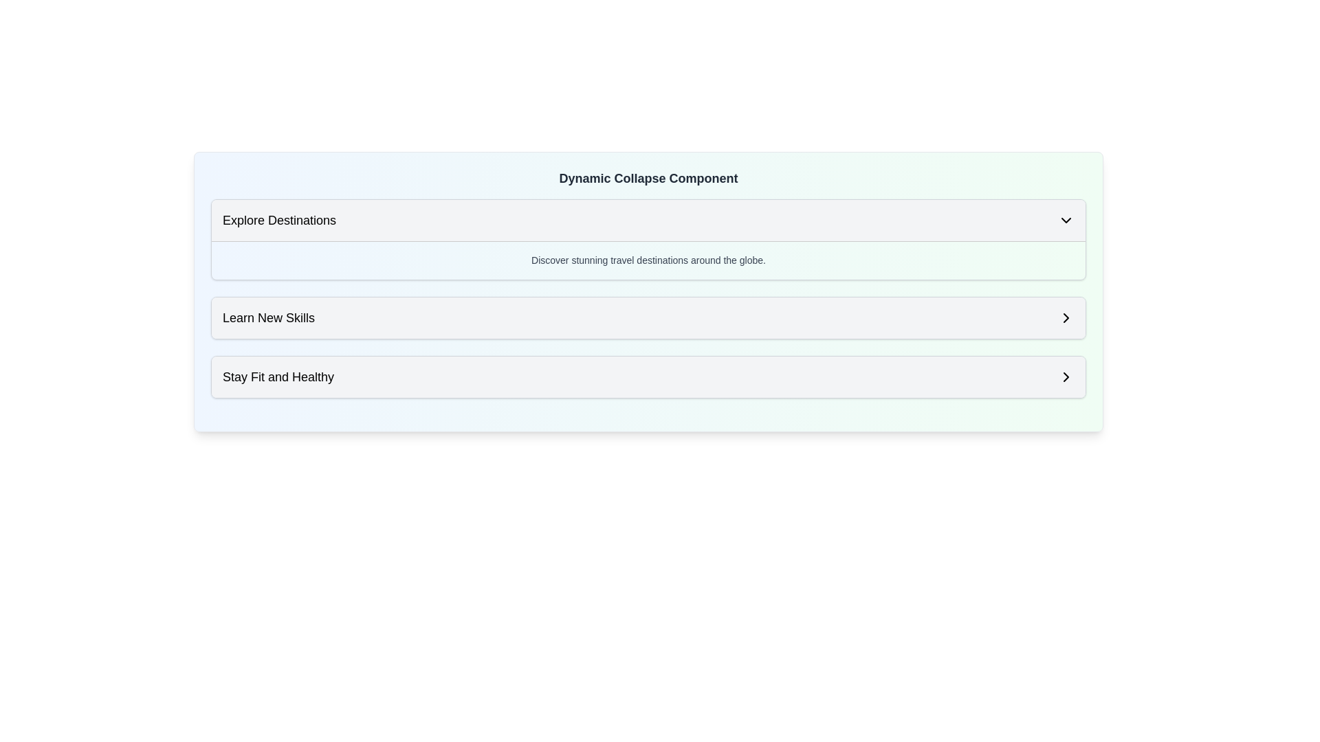 This screenshot has width=1320, height=742. What do you see at coordinates (278, 219) in the screenshot?
I see `text label that says 'Explore Destinations', which is prominently displayed in the header of a collapsible section` at bounding box center [278, 219].